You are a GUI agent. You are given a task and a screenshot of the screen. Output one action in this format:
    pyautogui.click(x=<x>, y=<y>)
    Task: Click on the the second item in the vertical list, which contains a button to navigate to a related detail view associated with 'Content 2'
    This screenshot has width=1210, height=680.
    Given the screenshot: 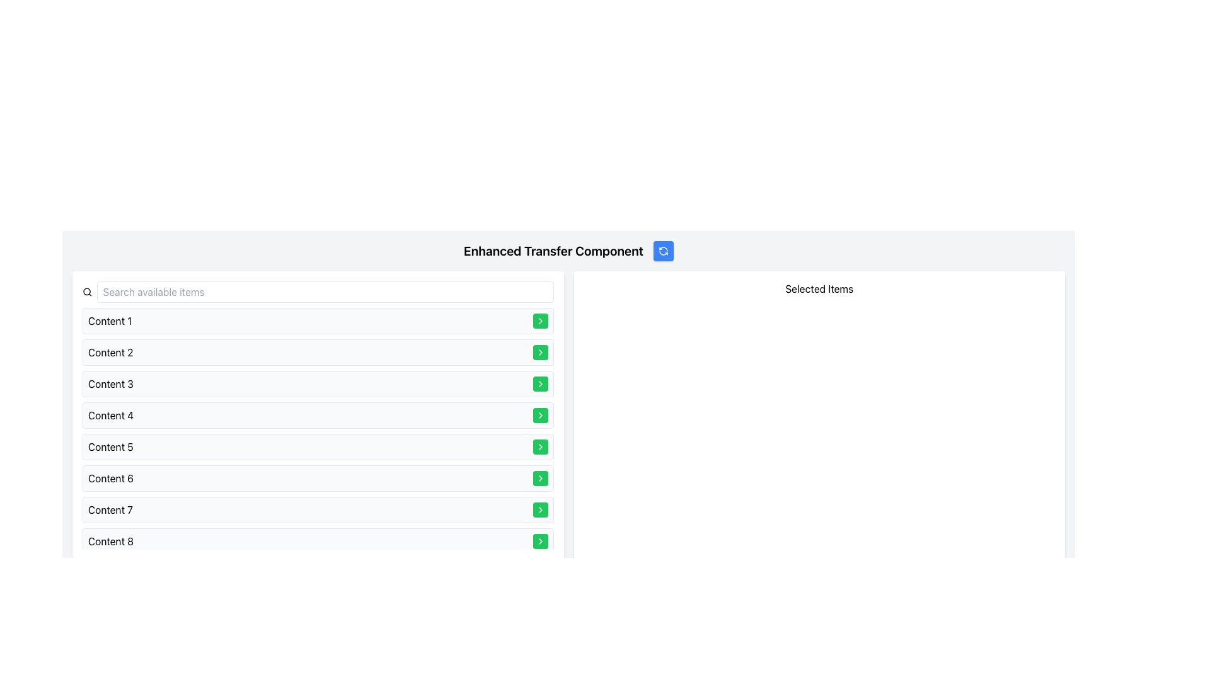 What is the action you would take?
    pyautogui.click(x=318, y=352)
    